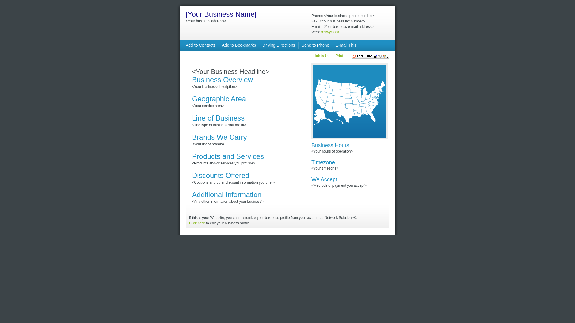 Image resolution: width=575 pixels, height=323 pixels. I want to click on 'Driving Directions', so click(279, 45).